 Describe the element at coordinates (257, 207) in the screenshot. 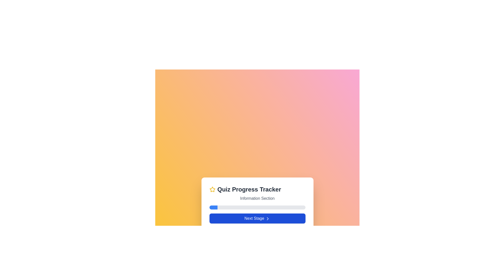

I see `the horizontal progress bar with a light gray background and a blue progress indicator, positioned below the 'Information Section' and above the 'Next Stage' button` at that location.